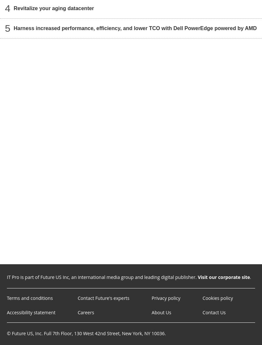  What do you see at coordinates (135, 28) in the screenshot?
I see `'Harness increased performance, efficiency, and lower TCO with Dell PowerEdge powered by AMD'` at bounding box center [135, 28].